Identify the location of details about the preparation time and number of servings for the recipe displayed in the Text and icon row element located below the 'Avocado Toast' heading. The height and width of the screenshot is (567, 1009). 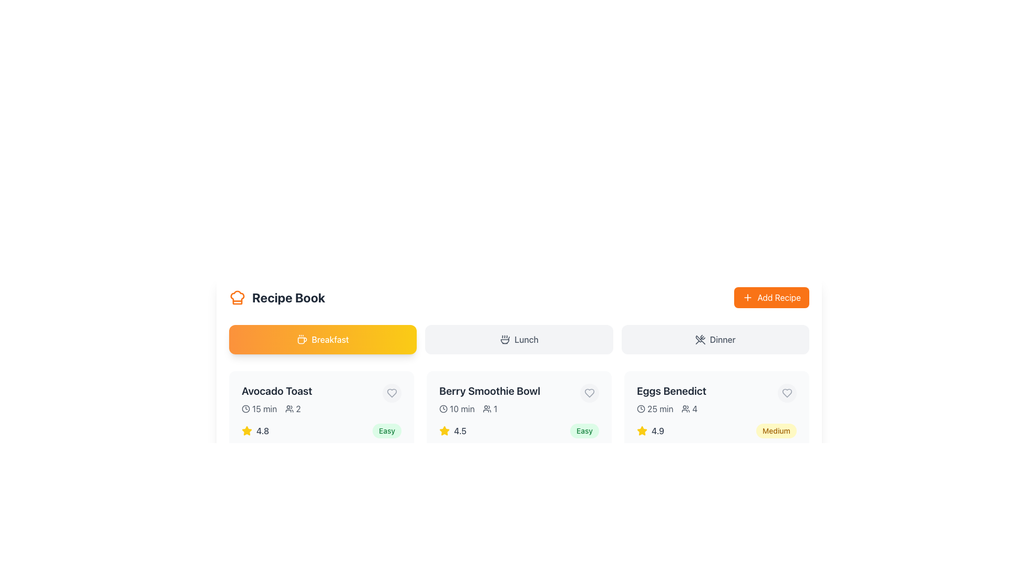
(277, 408).